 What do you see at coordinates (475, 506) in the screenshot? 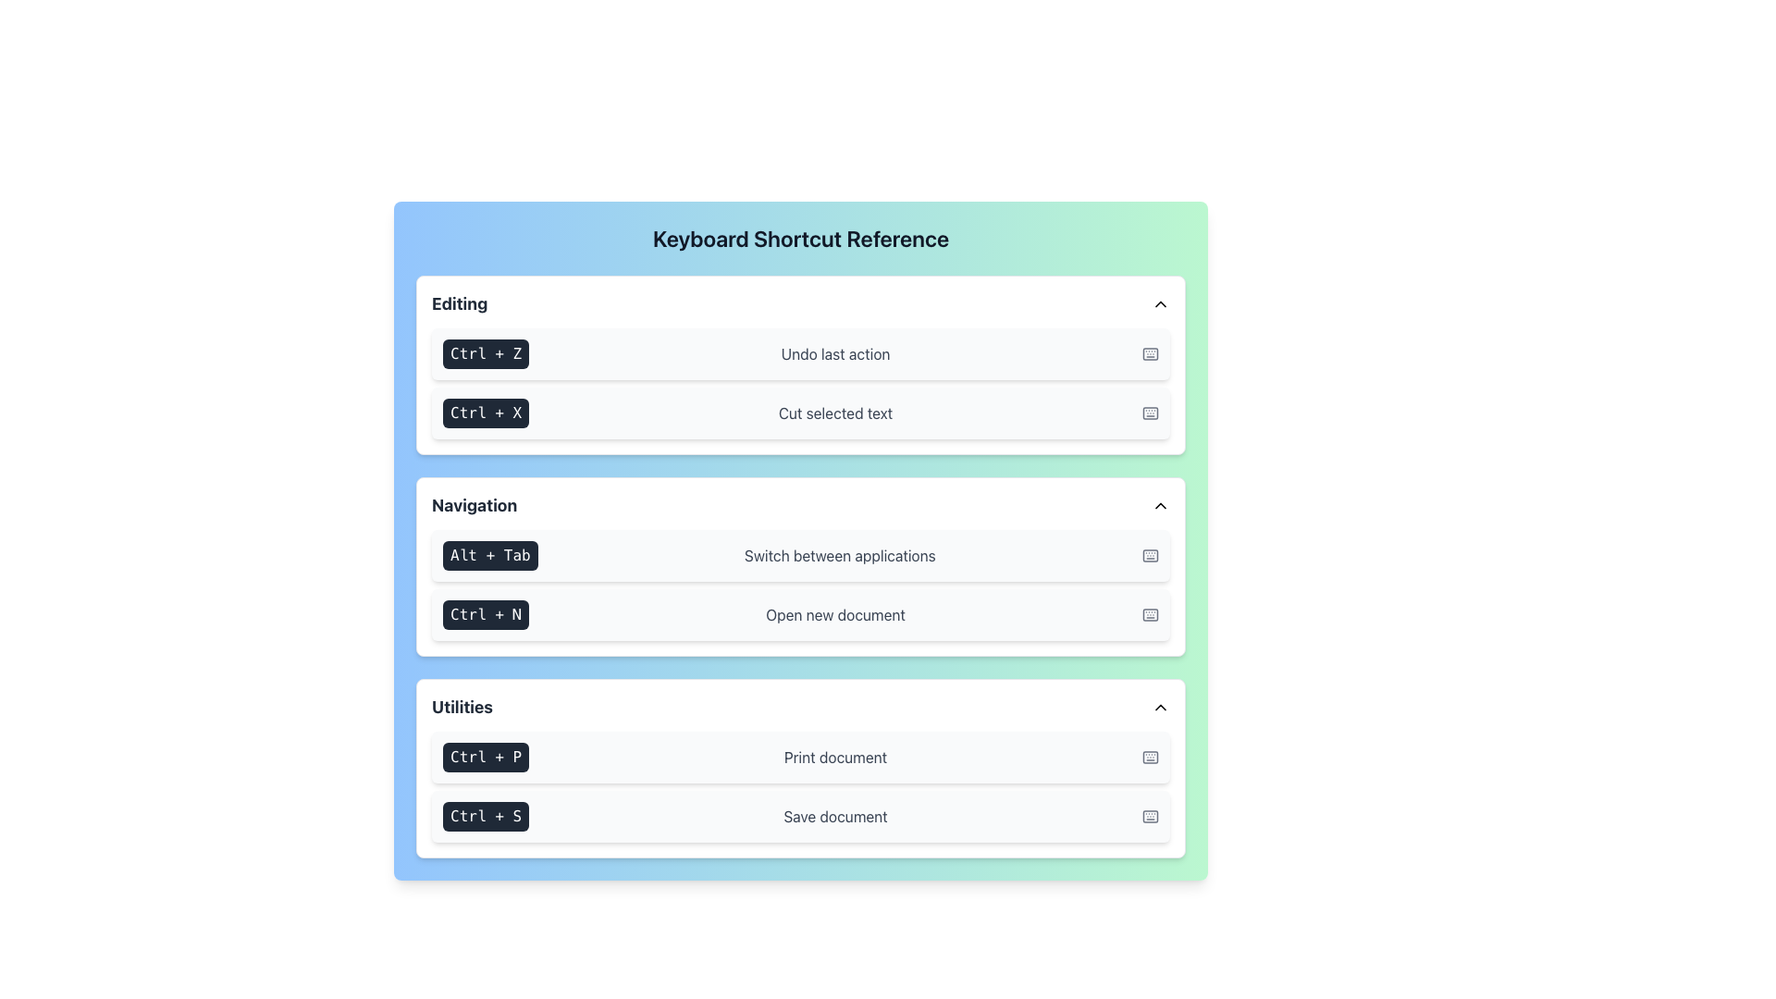
I see `the Text Label that serves as a section title for 'Navigation', located between 'Editing' and 'Utilities'` at bounding box center [475, 506].